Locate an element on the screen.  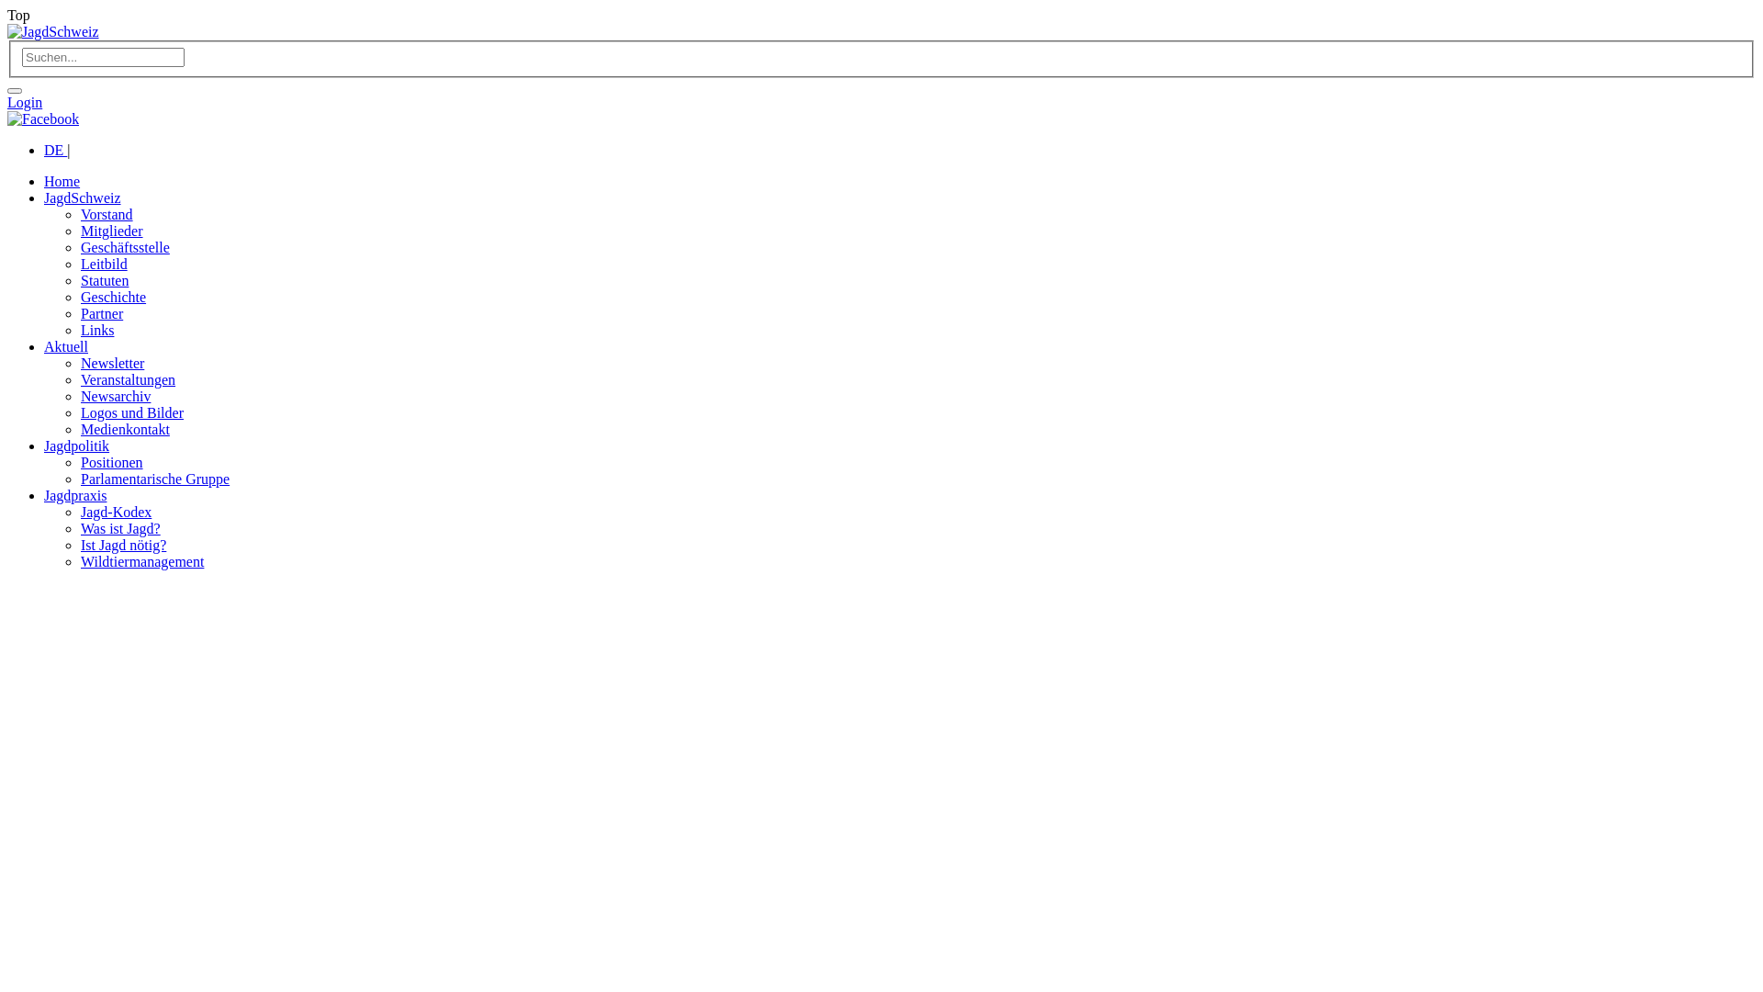
'Was ist Jagd?' is located at coordinates (119, 528).